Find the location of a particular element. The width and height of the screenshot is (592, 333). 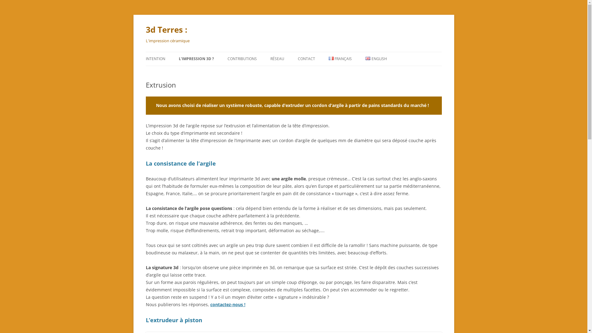

'CONTACT' is located at coordinates (306, 59).